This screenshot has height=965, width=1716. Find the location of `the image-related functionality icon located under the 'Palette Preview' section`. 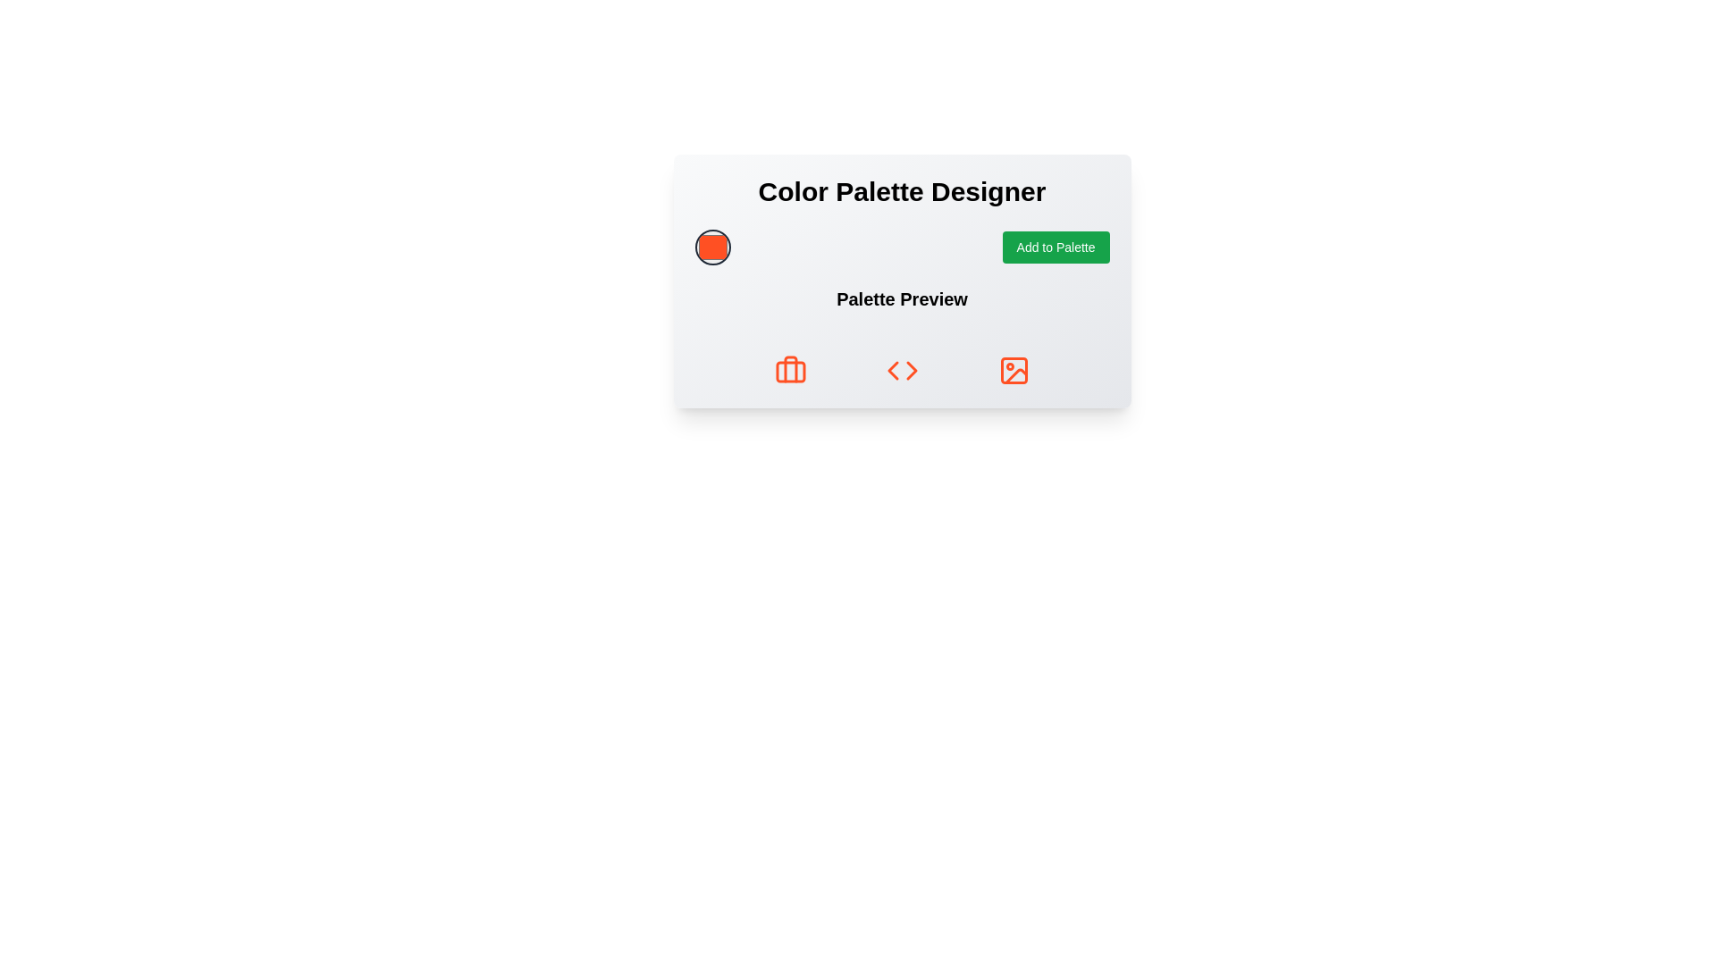

the image-related functionality icon located under the 'Palette Preview' section is located at coordinates (1014, 370).